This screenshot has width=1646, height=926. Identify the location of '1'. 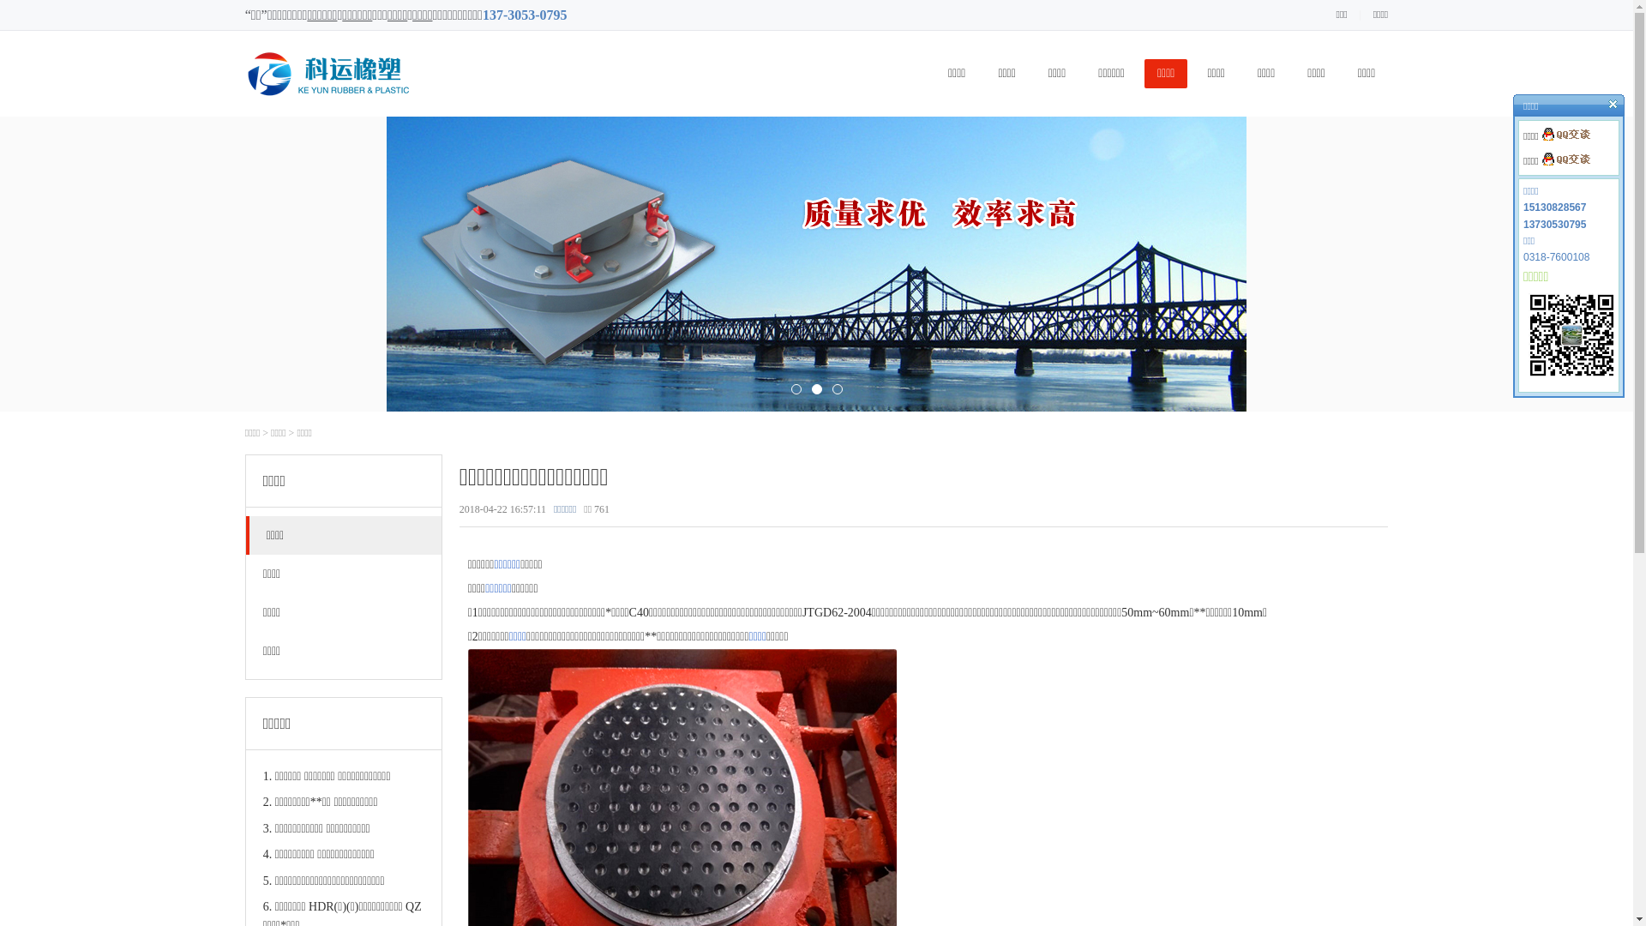
(794, 389).